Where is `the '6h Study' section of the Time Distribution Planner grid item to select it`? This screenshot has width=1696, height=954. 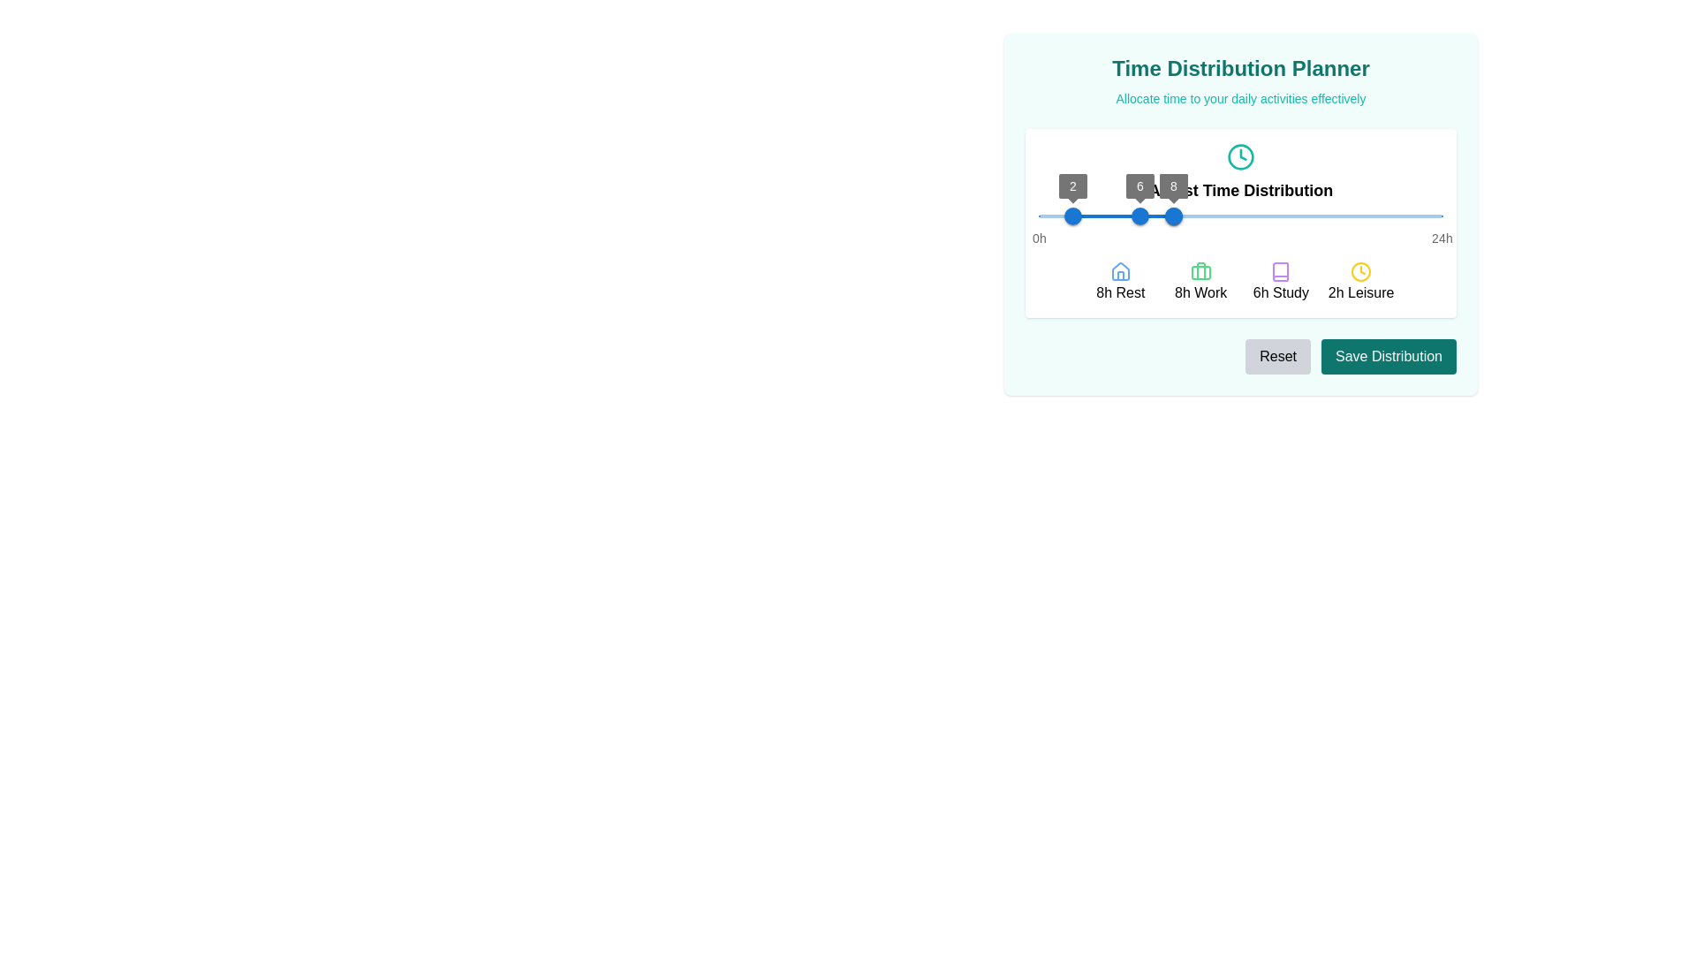 the '6h Study' section of the Time Distribution Planner grid item to select it is located at coordinates (1240, 282).